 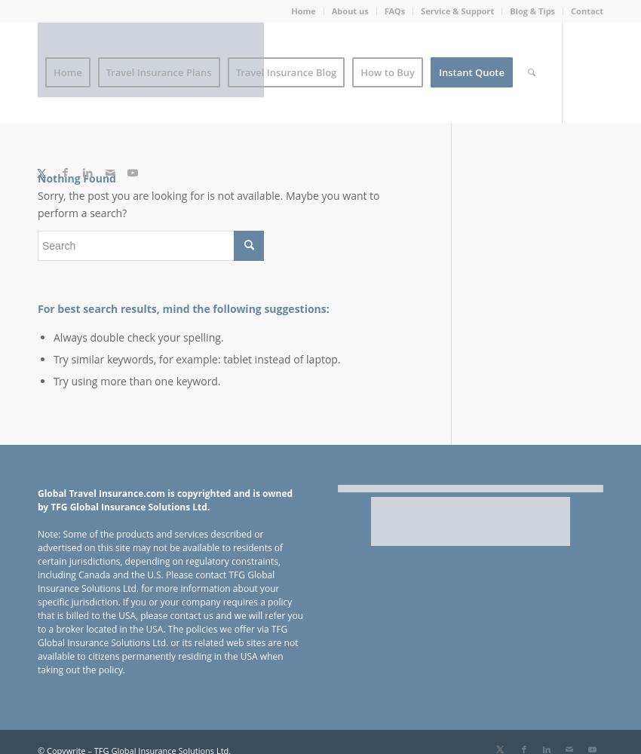 What do you see at coordinates (37, 500) in the screenshot?
I see `'Global Travel Insurance.com is copyrighted and is owned by TFG Global Insurance Solutions Ltd.'` at bounding box center [37, 500].